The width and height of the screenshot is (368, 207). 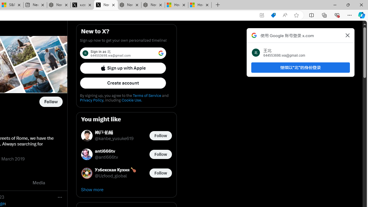 I want to click on 'Follow @anti666tv', so click(x=160, y=154).